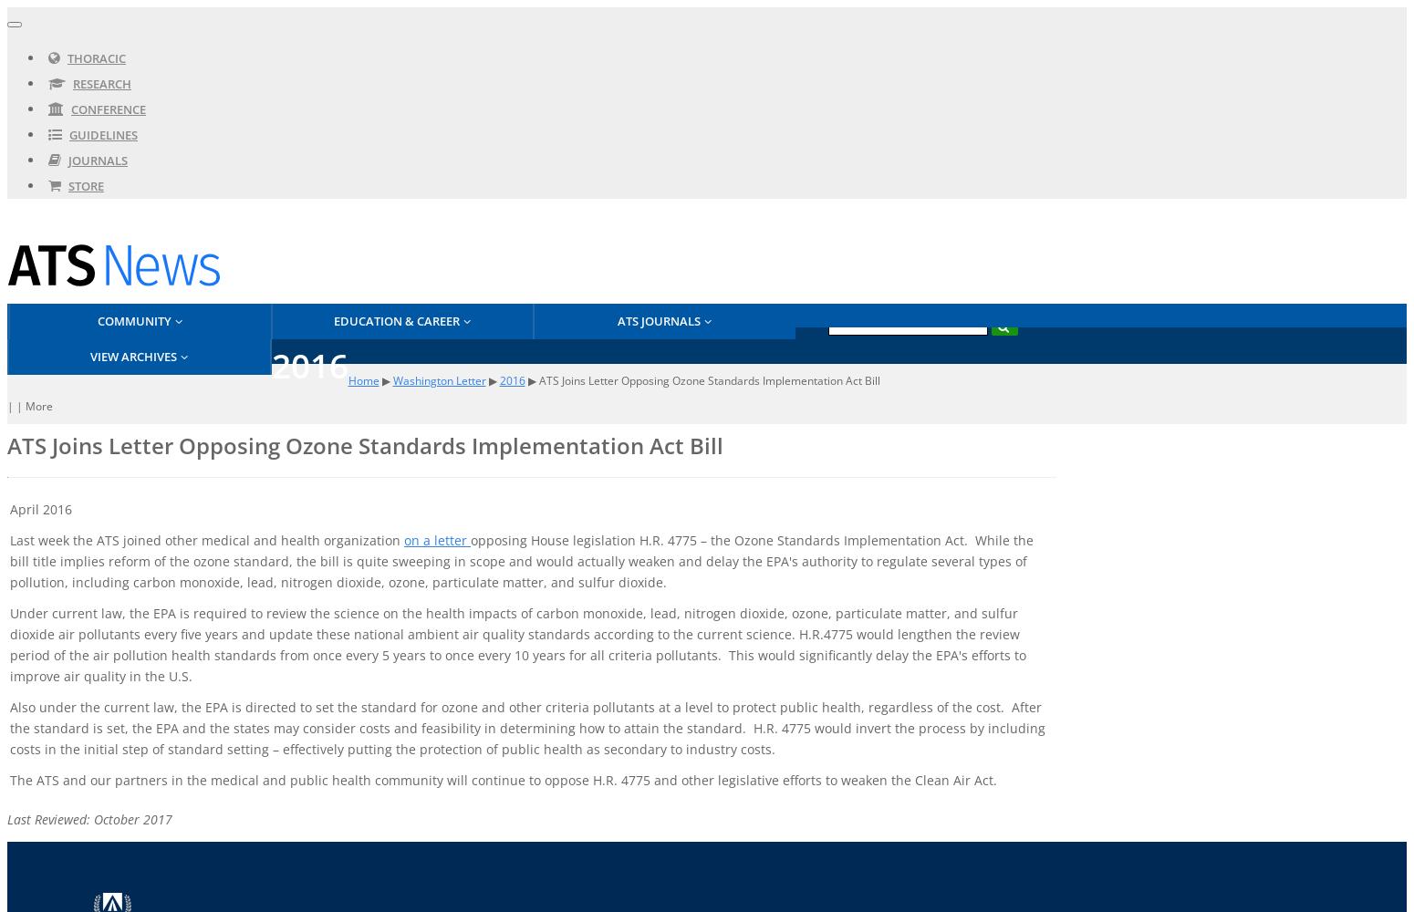 This screenshot has height=912, width=1414. Describe the element at coordinates (66, 57) in the screenshot. I see `'THORACIC'` at that location.